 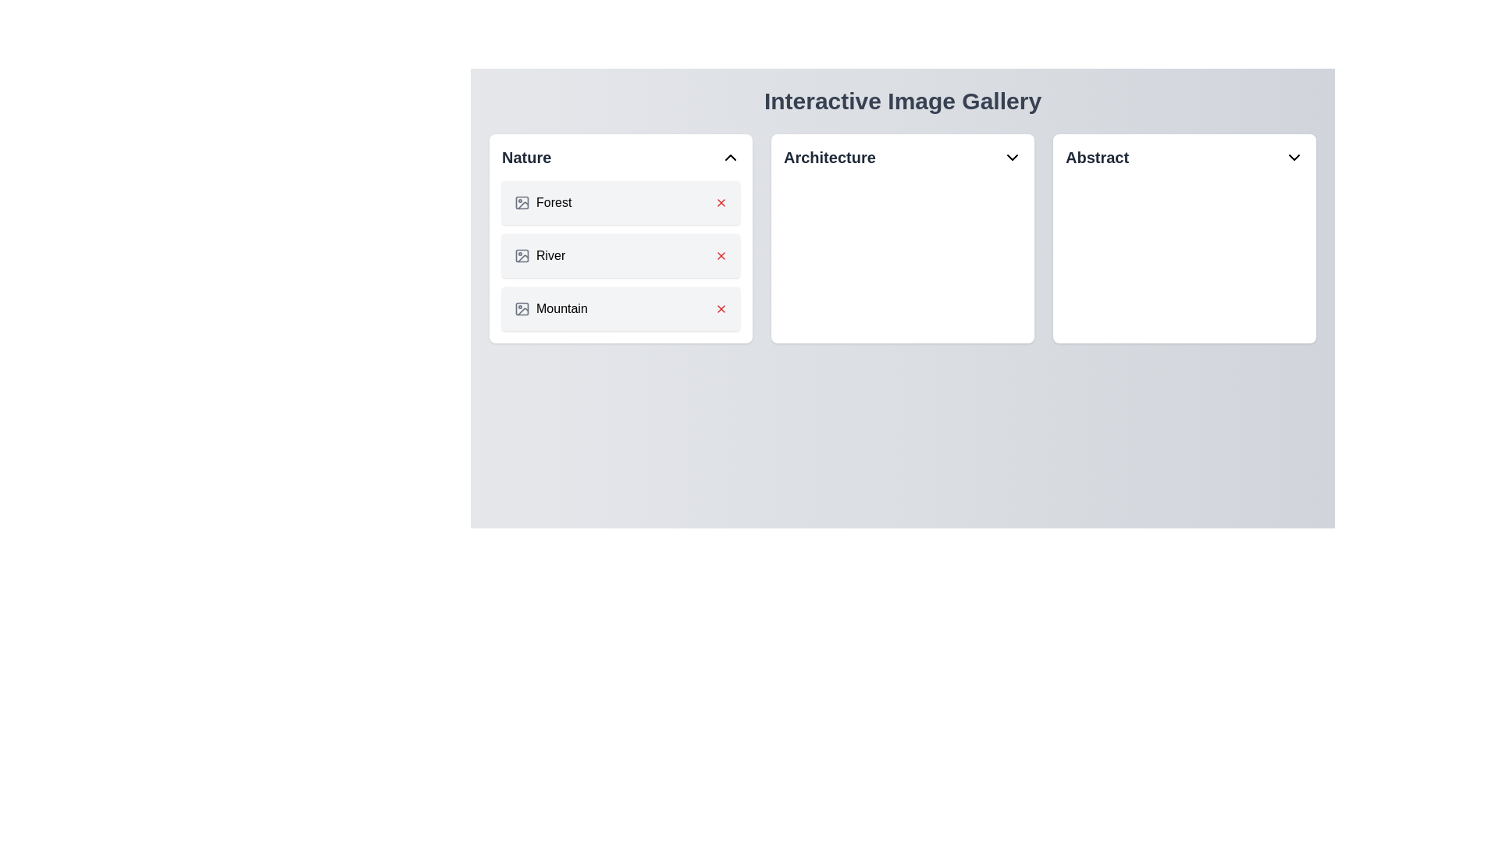 What do you see at coordinates (562, 309) in the screenshot?
I see `the 'Mountain' text label in the 'Nature' section, which is located below the 'River' list item` at bounding box center [562, 309].